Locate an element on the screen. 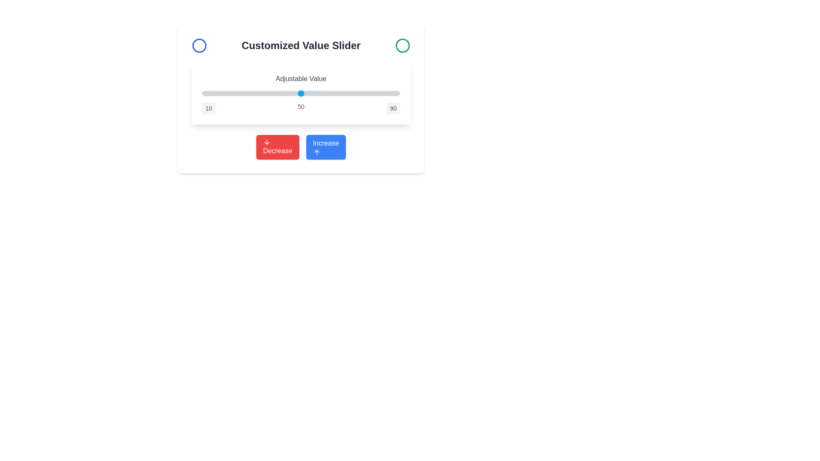 The image size is (820, 461). the blue knob of the horizontal Seekbar labeled 'Adjustable Value' is located at coordinates (301, 93).